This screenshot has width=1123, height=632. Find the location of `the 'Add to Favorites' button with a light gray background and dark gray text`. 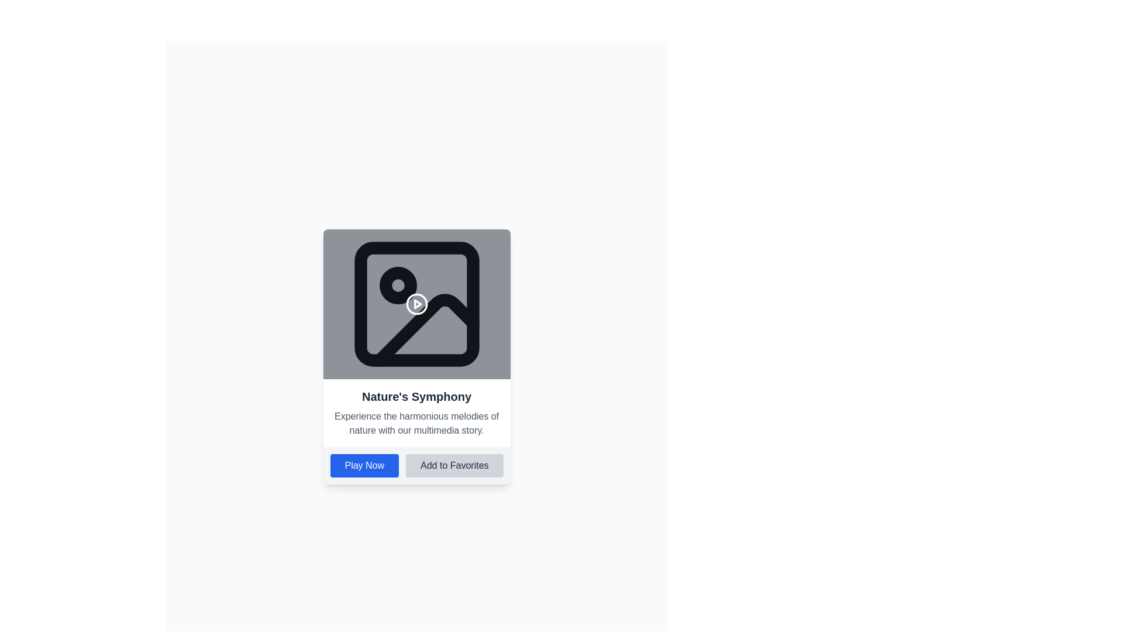

the 'Add to Favorites' button with a light gray background and dark gray text is located at coordinates (454, 465).